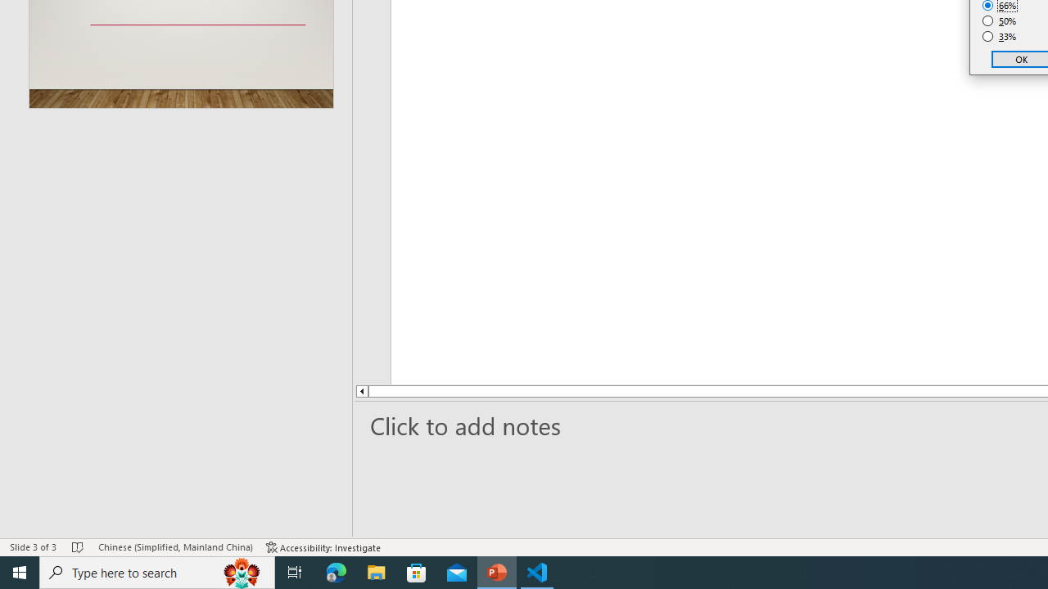  What do you see at coordinates (376, 571) in the screenshot?
I see `'File Explorer'` at bounding box center [376, 571].